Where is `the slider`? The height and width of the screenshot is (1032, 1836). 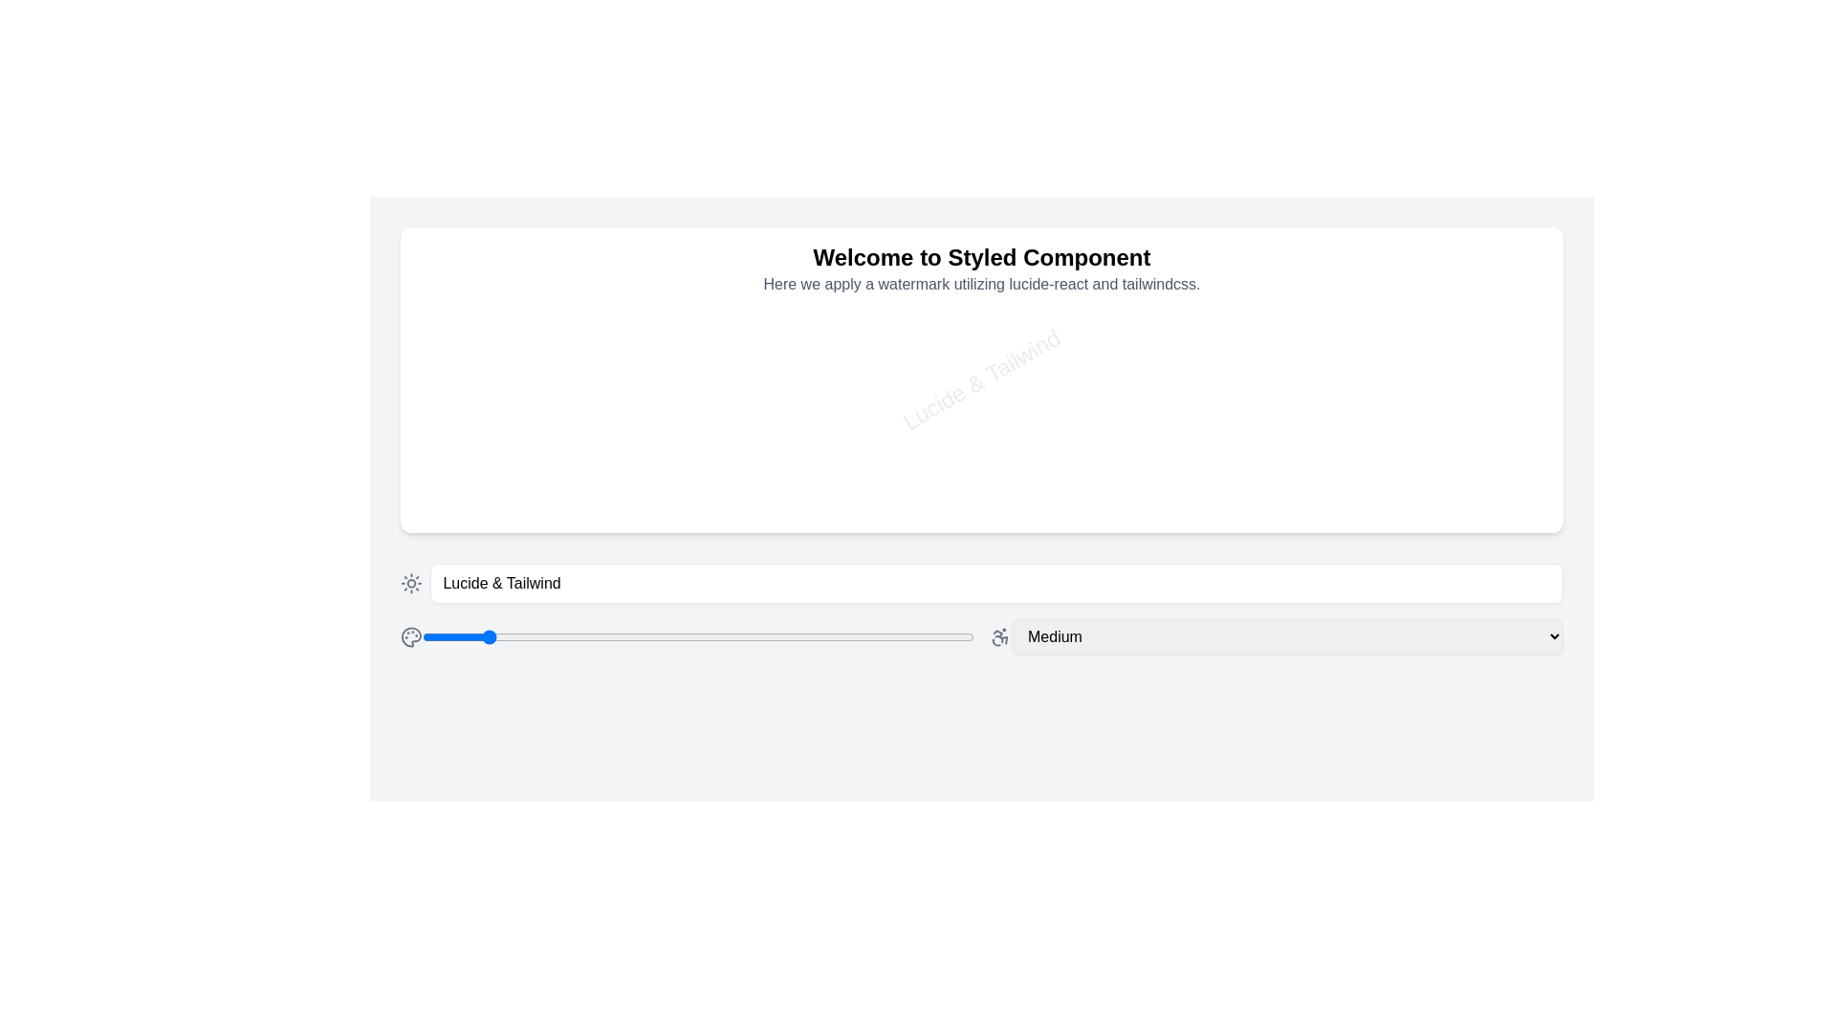
the slider is located at coordinates (361, 636).